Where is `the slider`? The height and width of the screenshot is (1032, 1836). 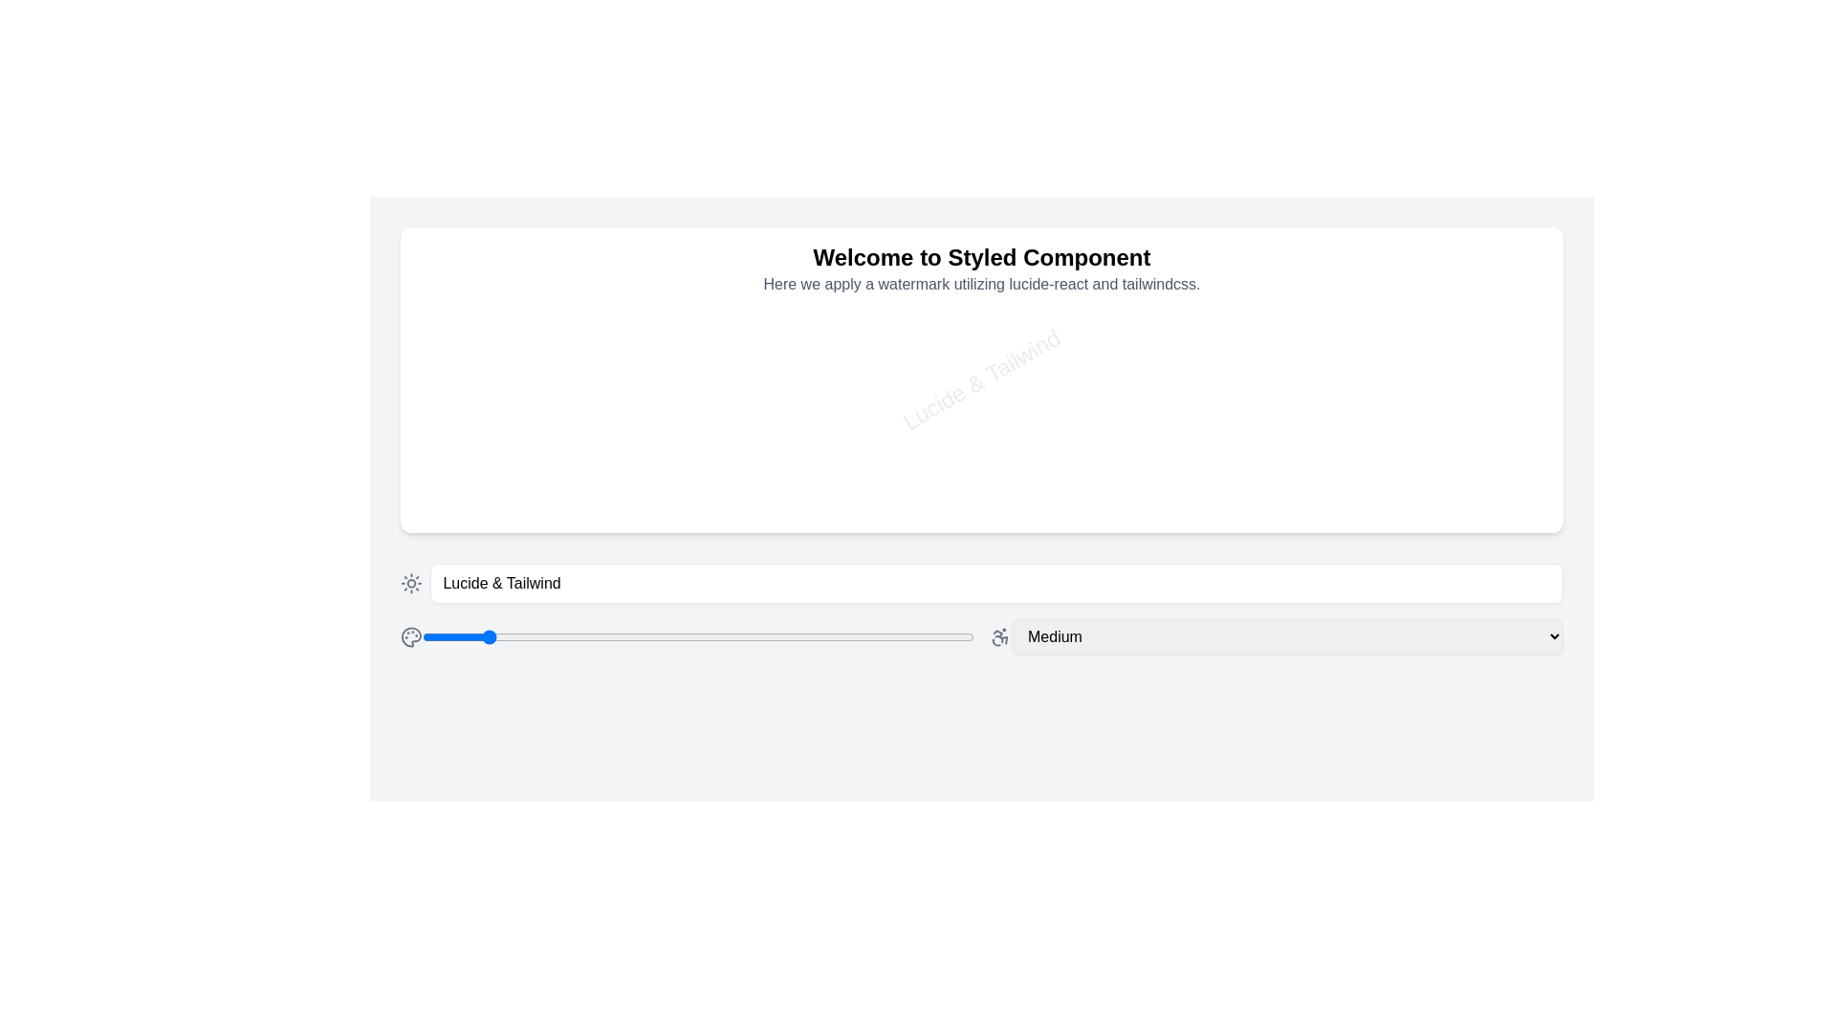
the slider is located at coordinates (361, 636).